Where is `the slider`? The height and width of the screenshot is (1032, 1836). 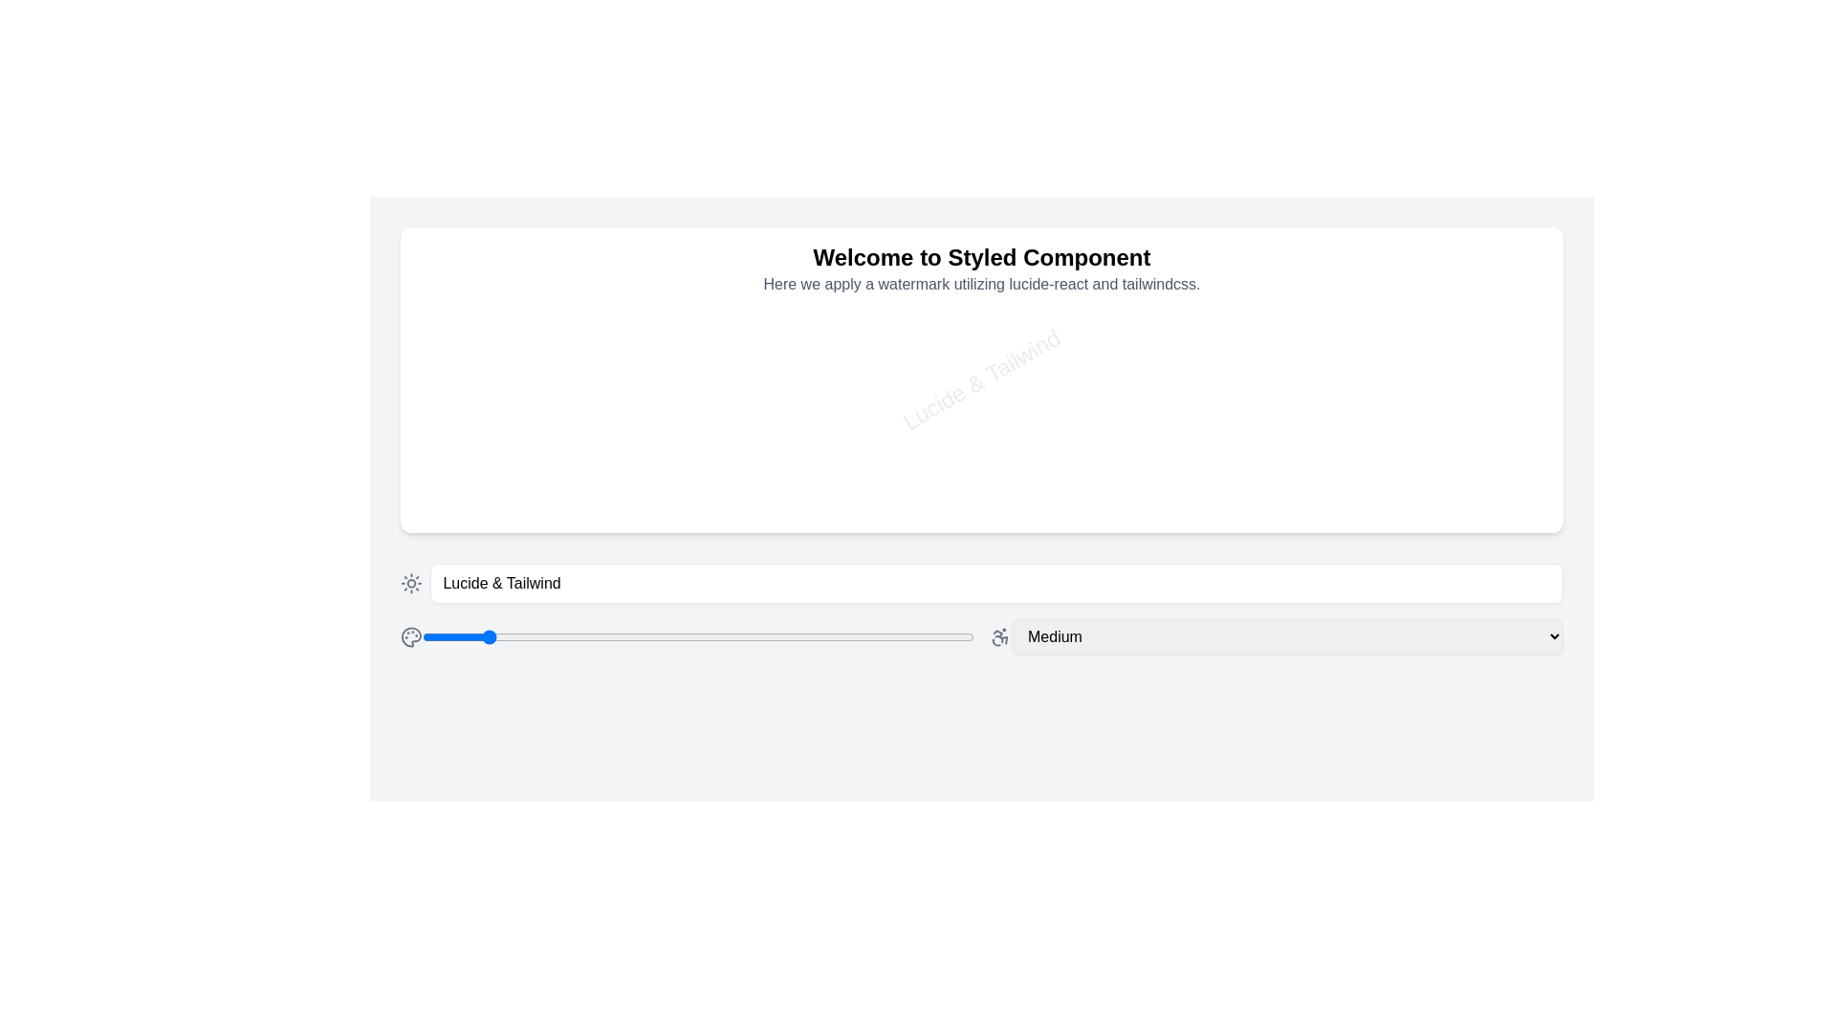
the slider is located at coordinates (361, 636).